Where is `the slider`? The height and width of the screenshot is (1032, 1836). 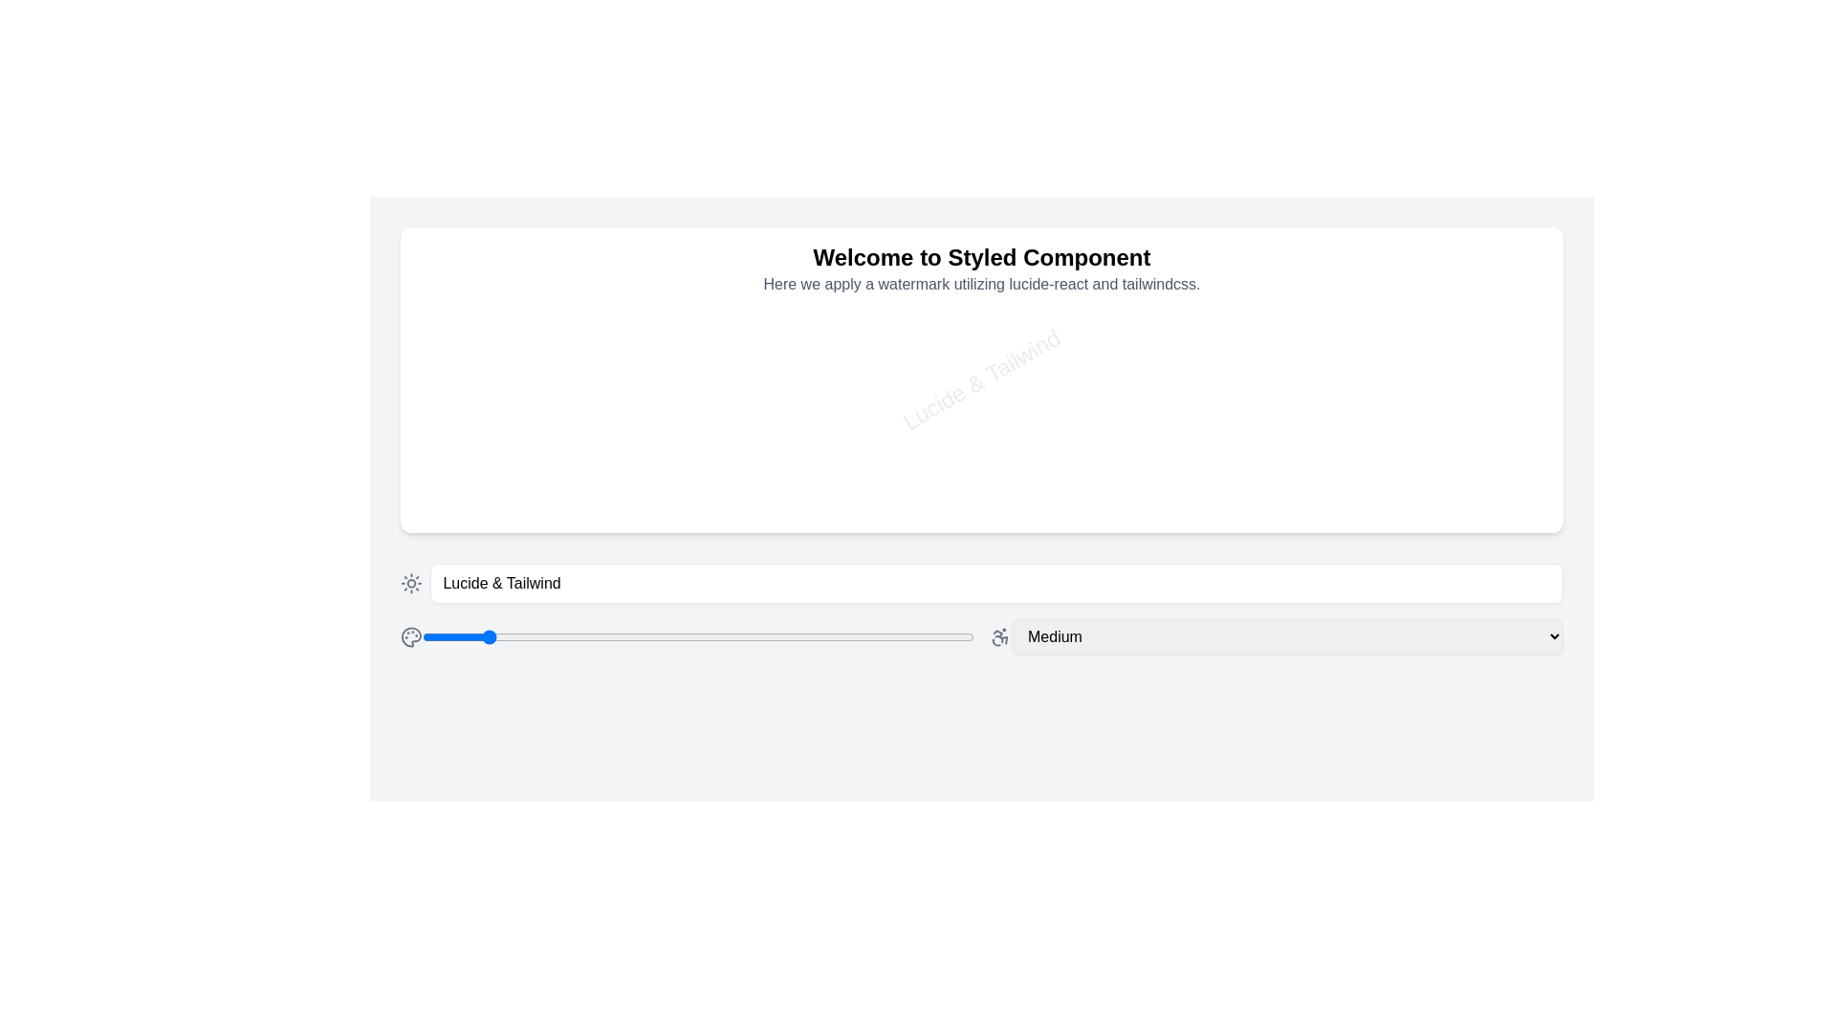
the slider is located at coordinates (361, 636).